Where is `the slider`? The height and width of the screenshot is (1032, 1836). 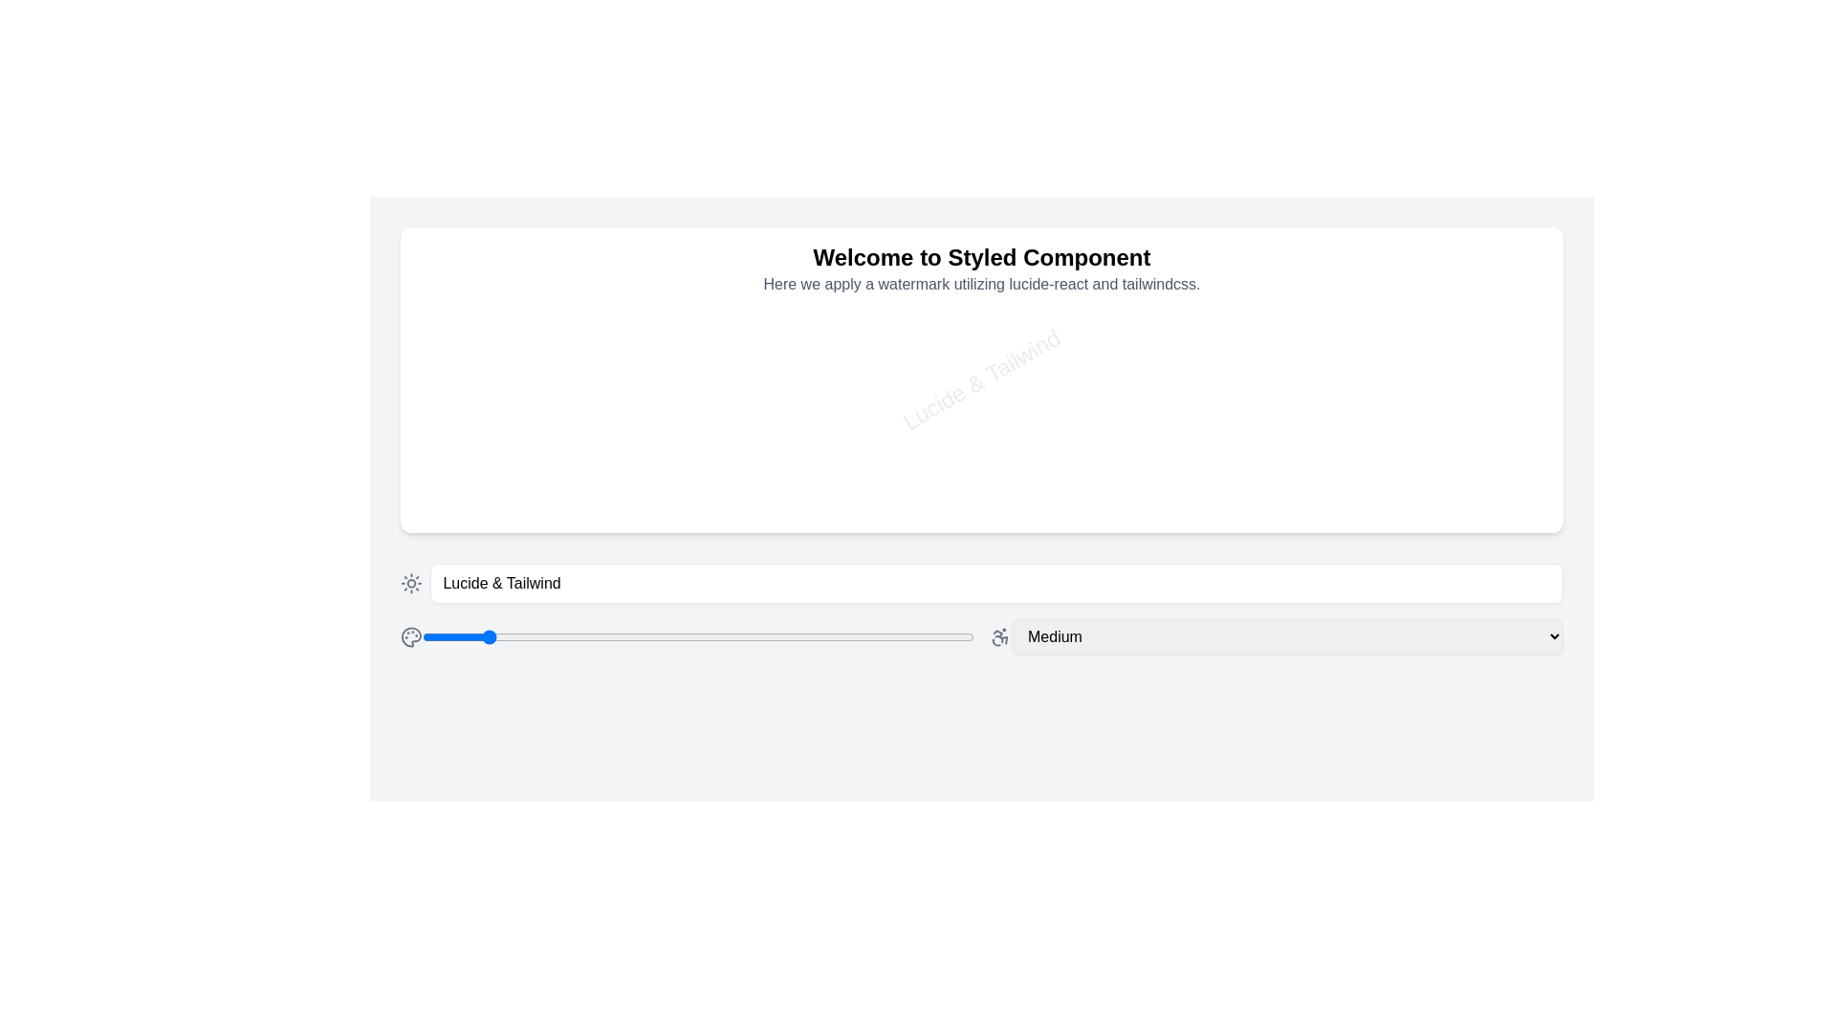
the slider is located at coordinates (361, 636).